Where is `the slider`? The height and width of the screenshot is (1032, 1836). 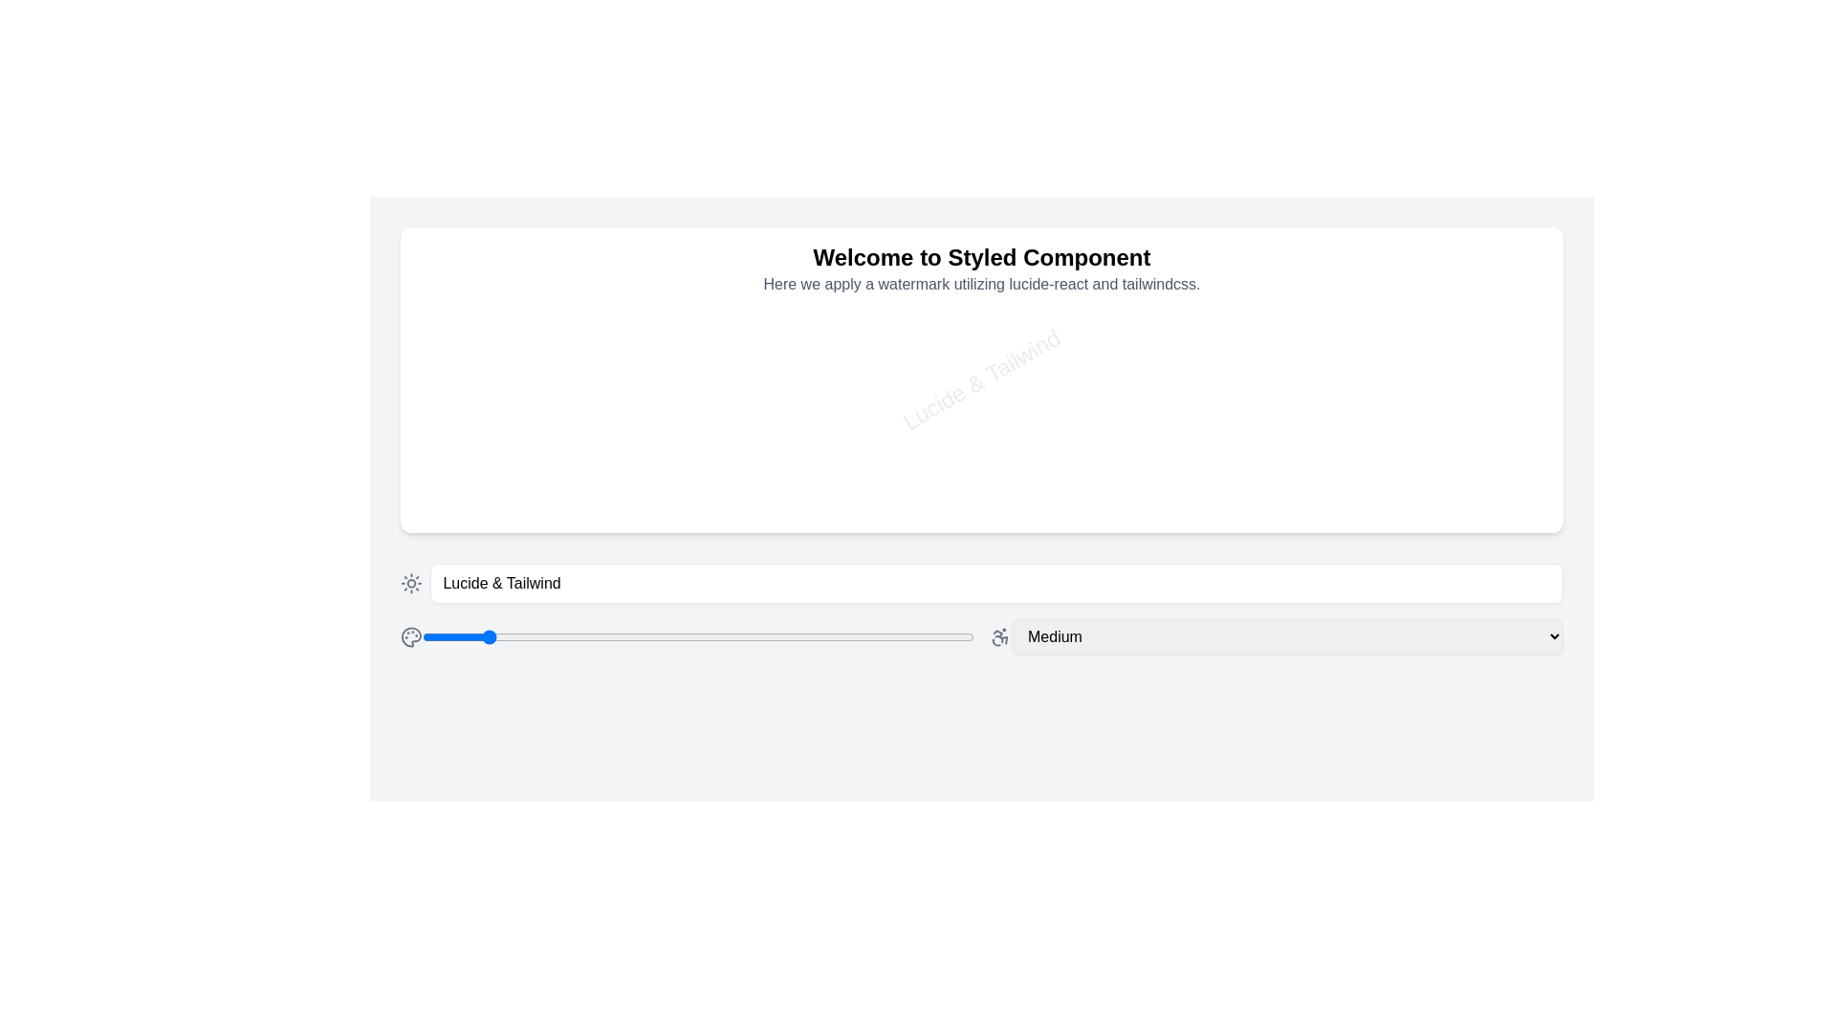
the slider is located at coordinates (361, 636).